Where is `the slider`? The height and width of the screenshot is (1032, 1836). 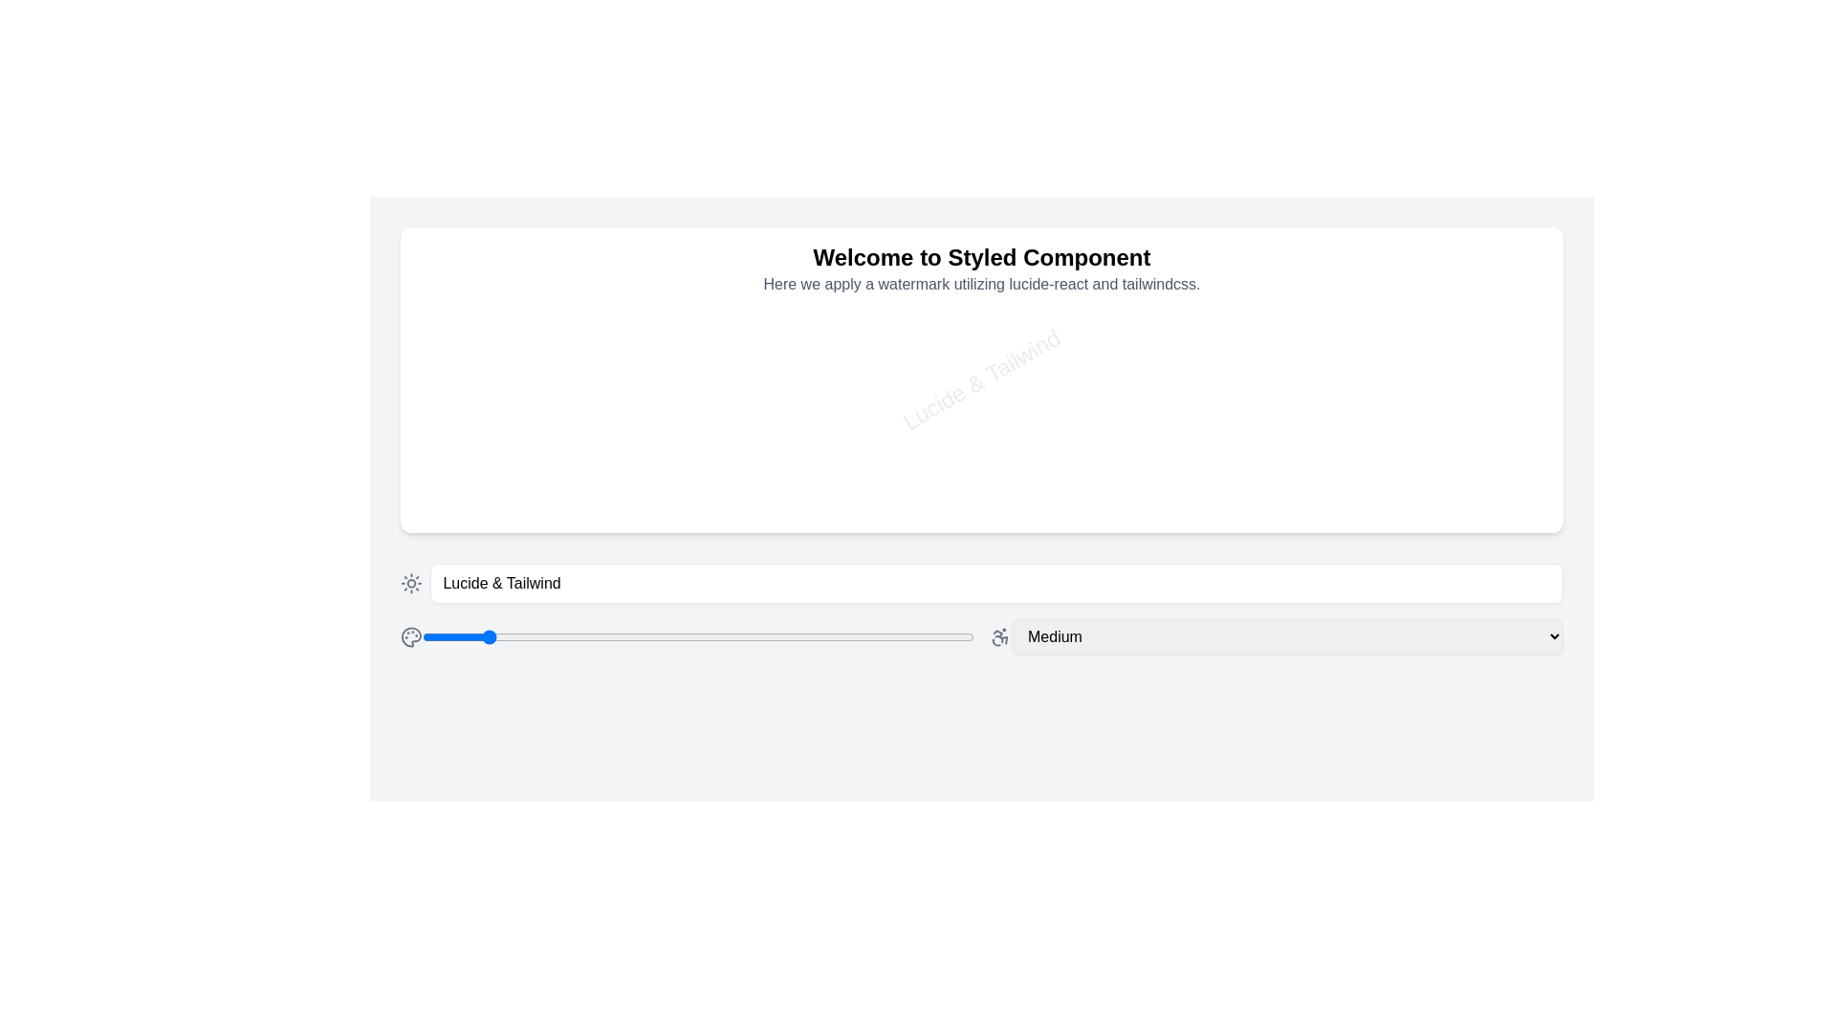
the slider is located at coordinates (361, 636).